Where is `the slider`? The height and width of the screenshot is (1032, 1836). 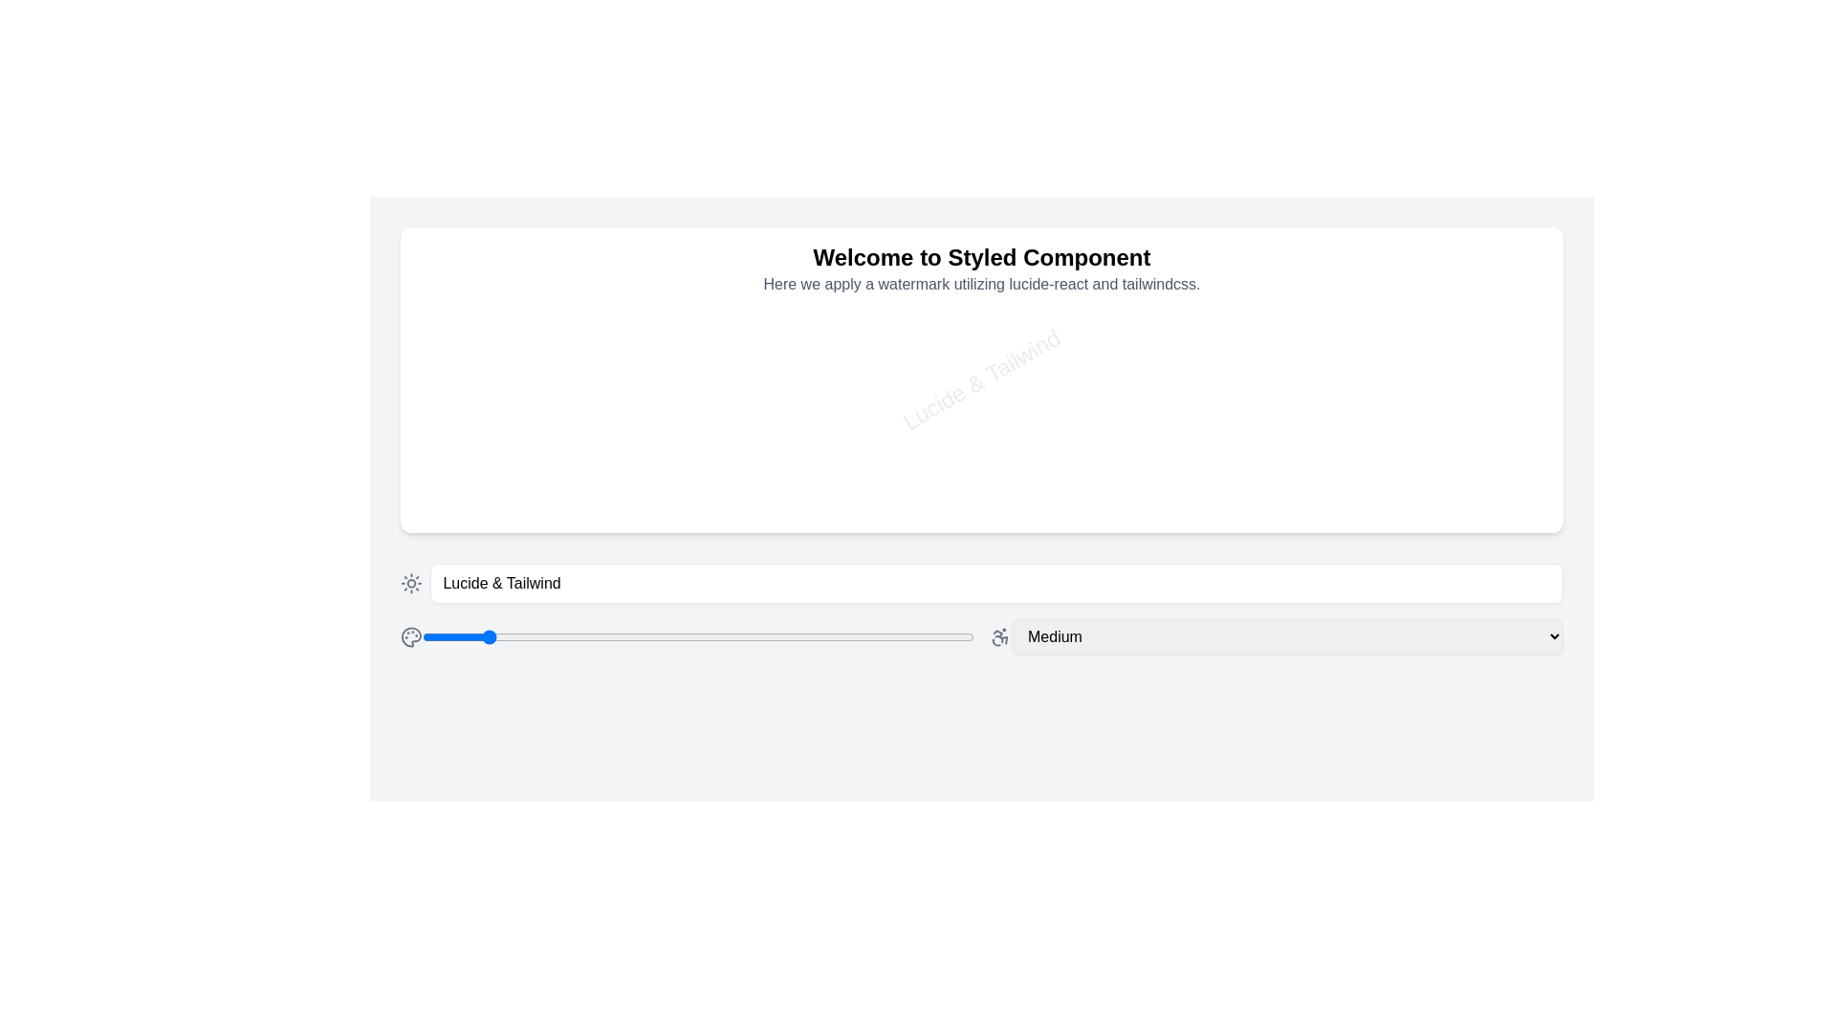
the slider is located at coordinates (361, 636).